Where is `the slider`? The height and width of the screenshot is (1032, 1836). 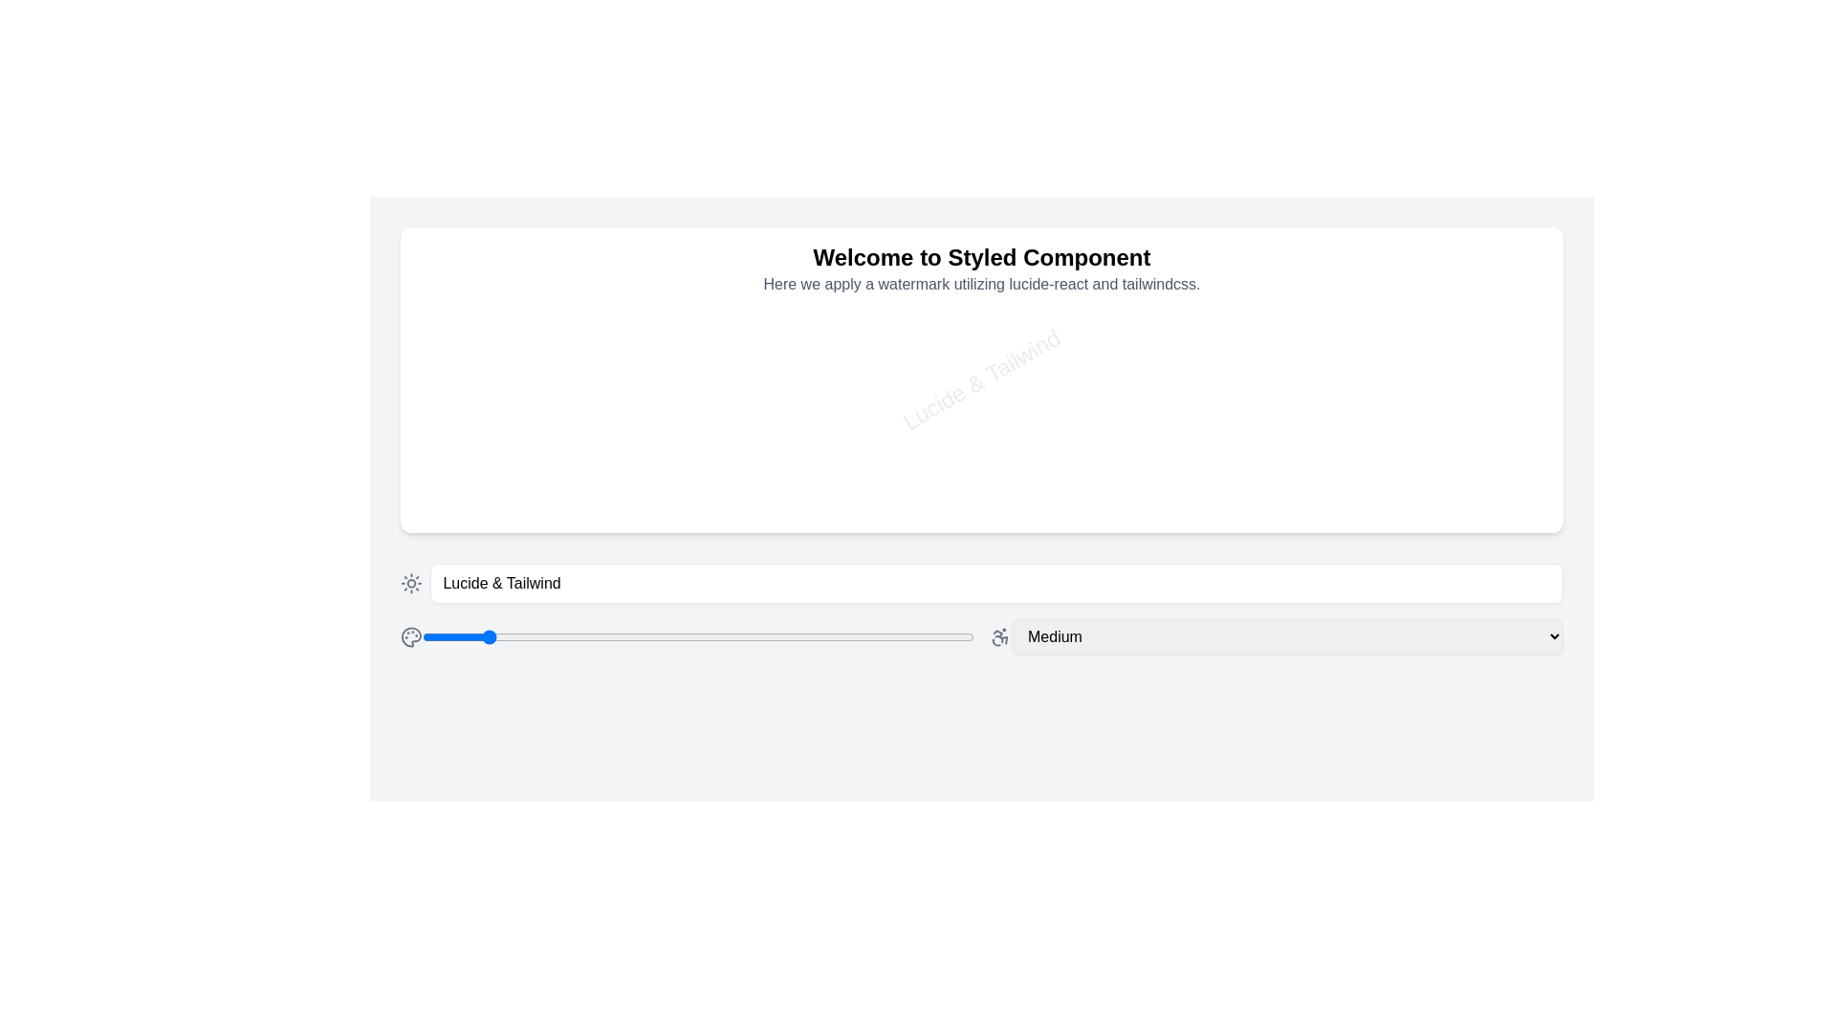
the slider is located at coordinates (361, 636).